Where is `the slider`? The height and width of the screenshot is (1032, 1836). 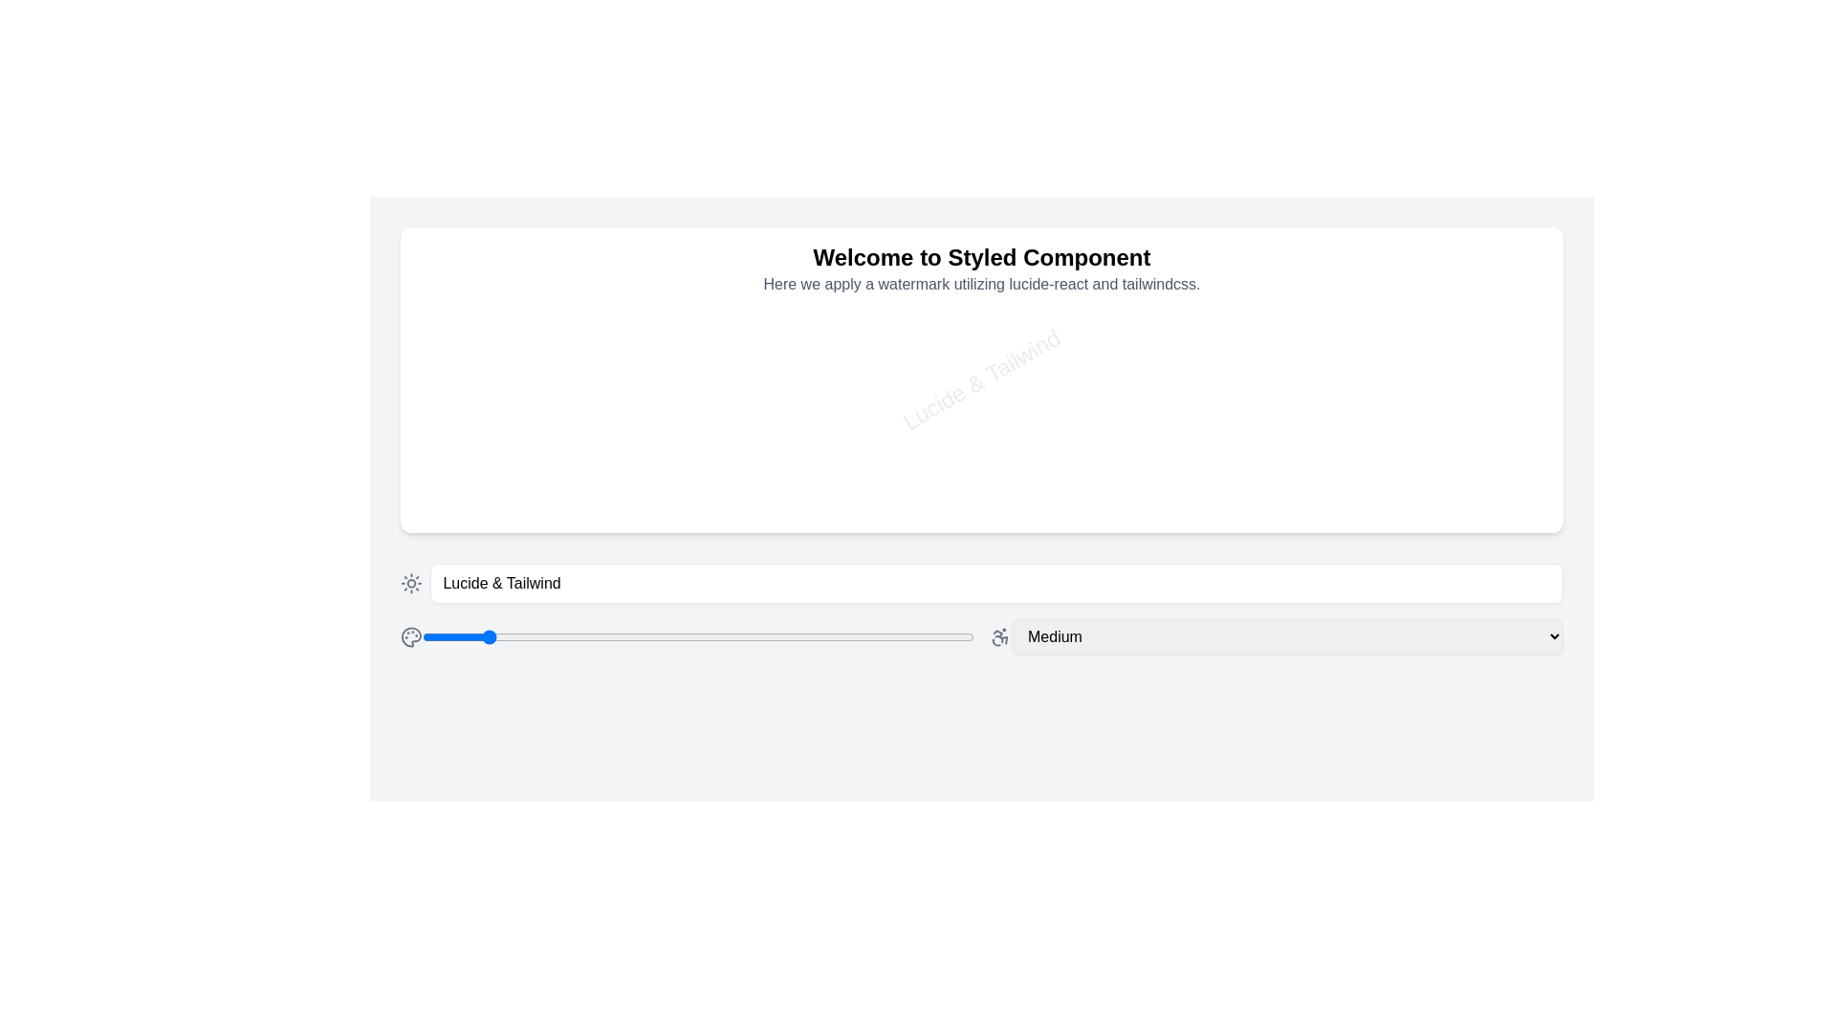
the slider is located at coordinates (361, 636).